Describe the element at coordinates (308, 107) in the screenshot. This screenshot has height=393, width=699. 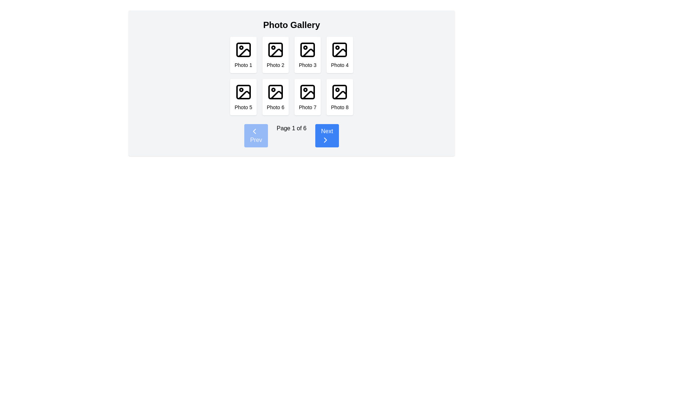
I see `the text label reading 'Photo 7', which is displayed below a photo icon in the 'Photo Gallery' section` at that location.